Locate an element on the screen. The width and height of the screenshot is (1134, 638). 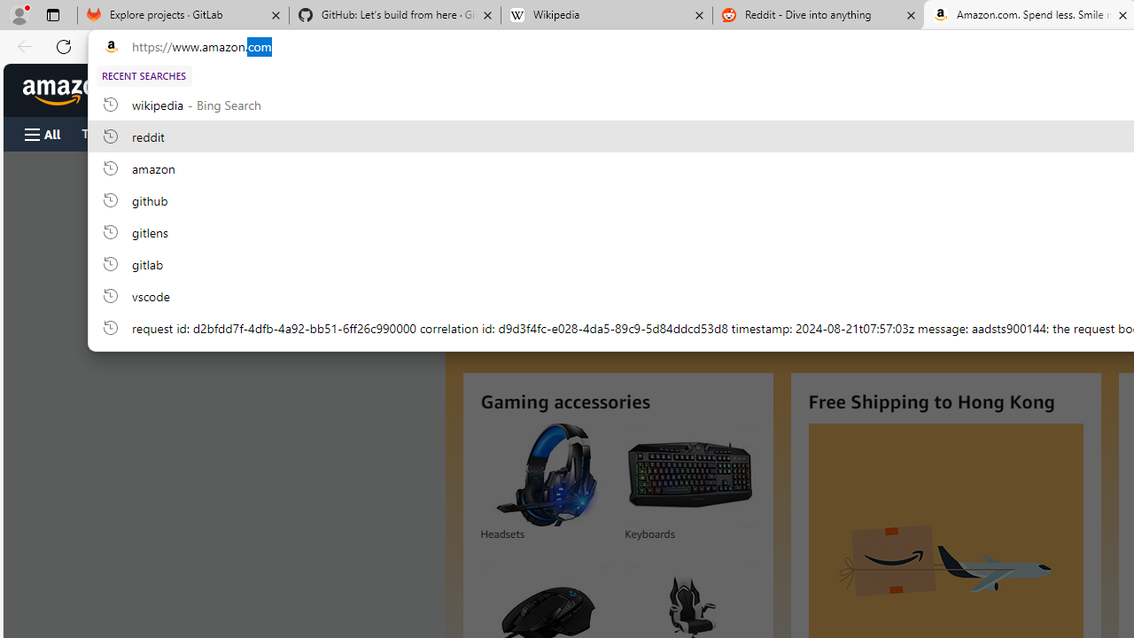
'Deliver to Hong Kong' is located at coordinates (171, 89).